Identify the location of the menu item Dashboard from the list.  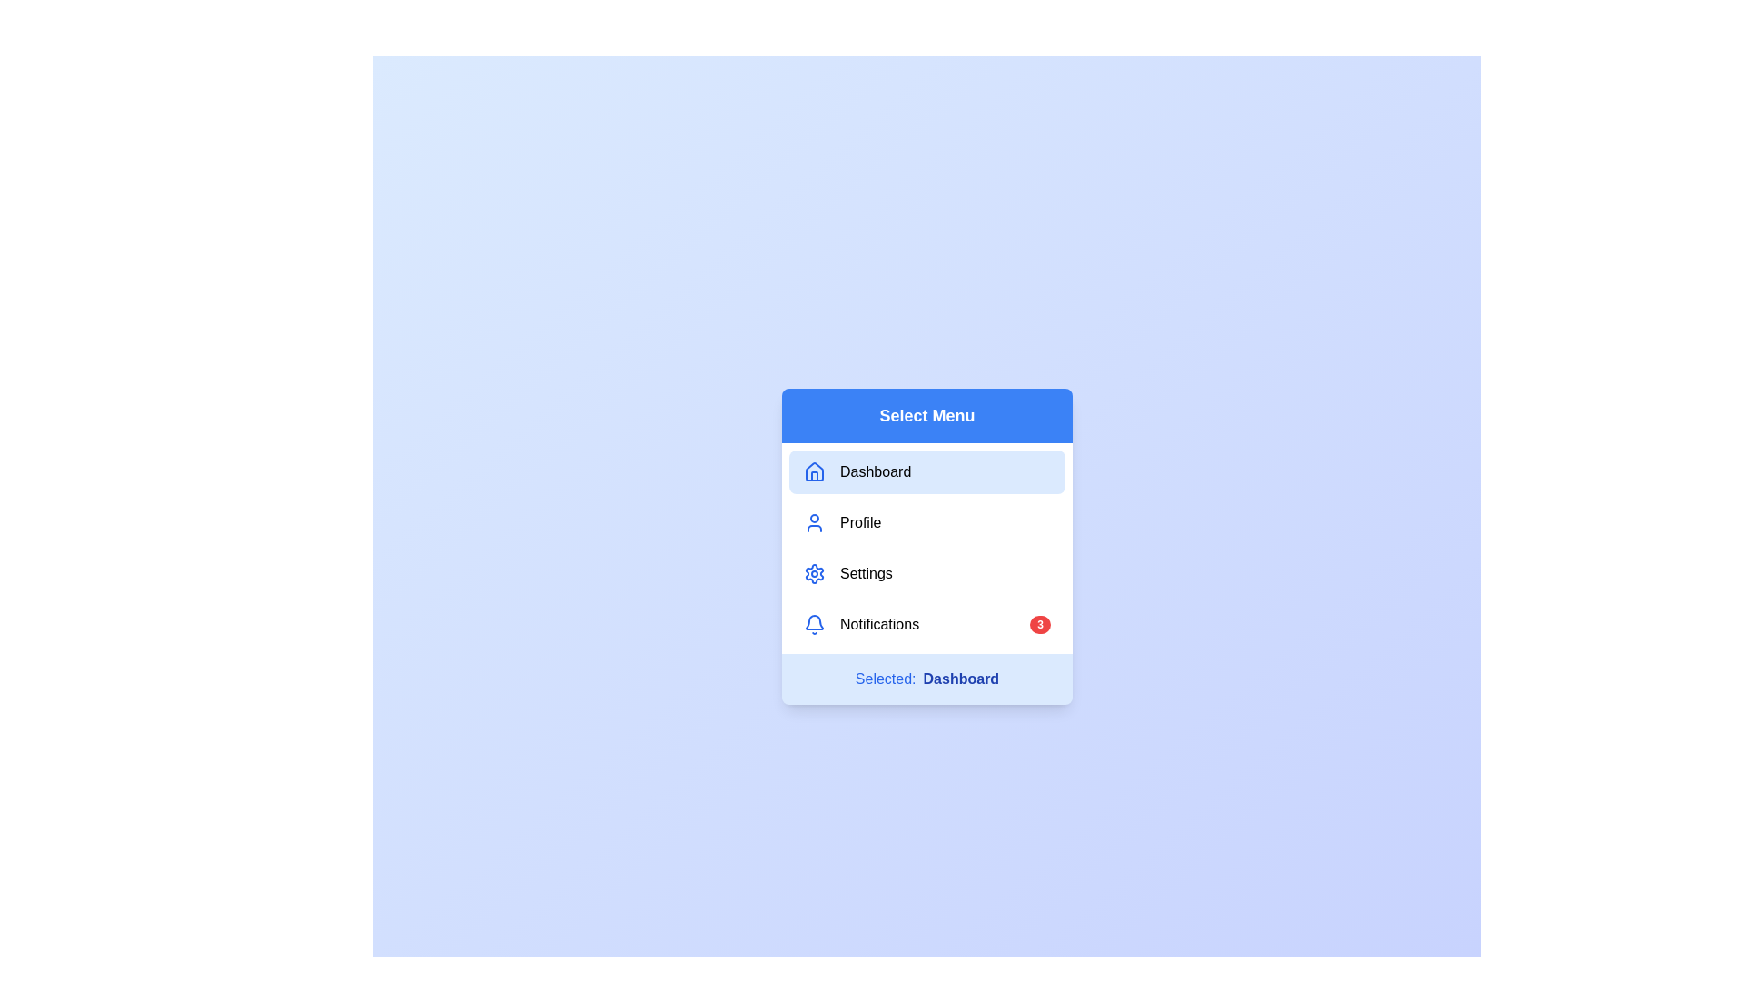
(927, 471).